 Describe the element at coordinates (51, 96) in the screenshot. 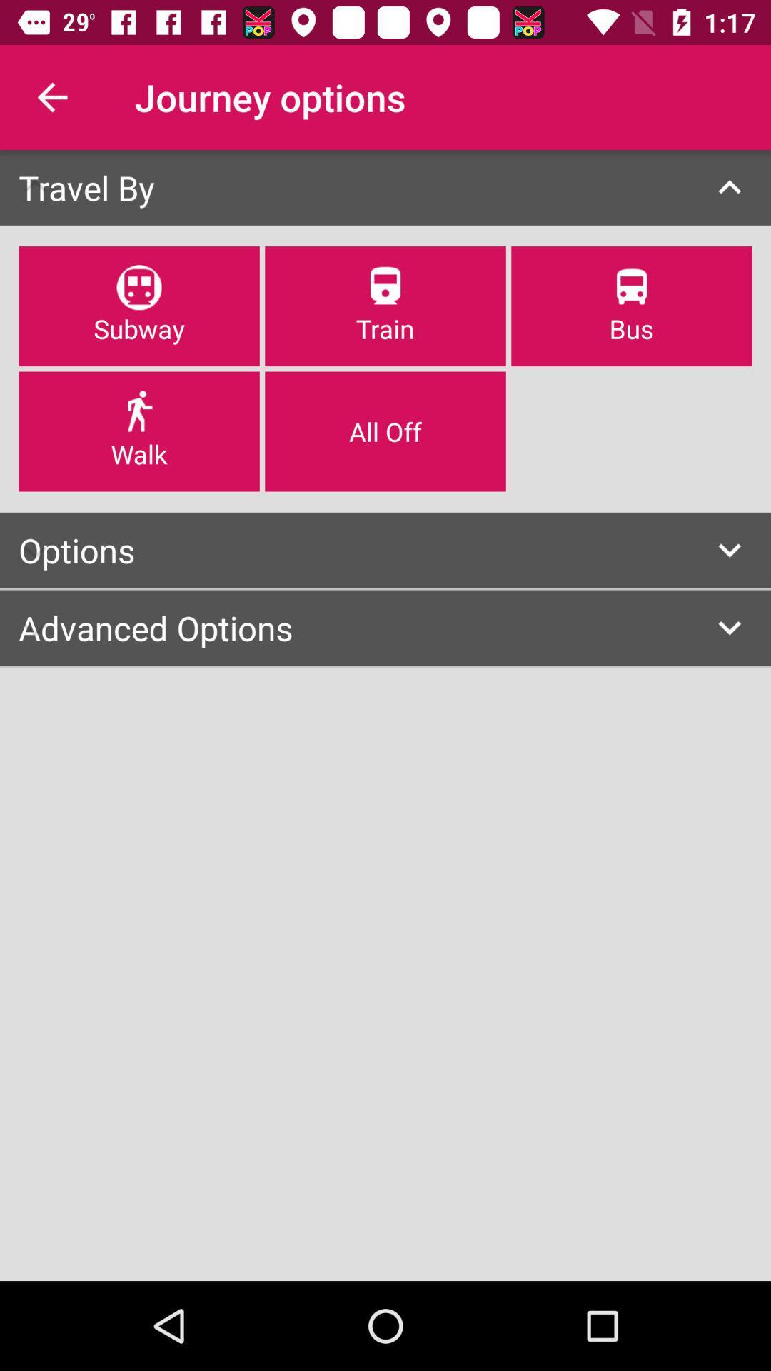

I see `icon above the travel by` at that location.